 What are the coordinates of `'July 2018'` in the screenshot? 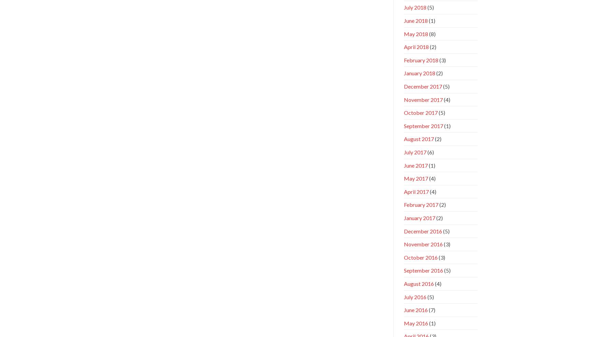 It's located at (415, 7).